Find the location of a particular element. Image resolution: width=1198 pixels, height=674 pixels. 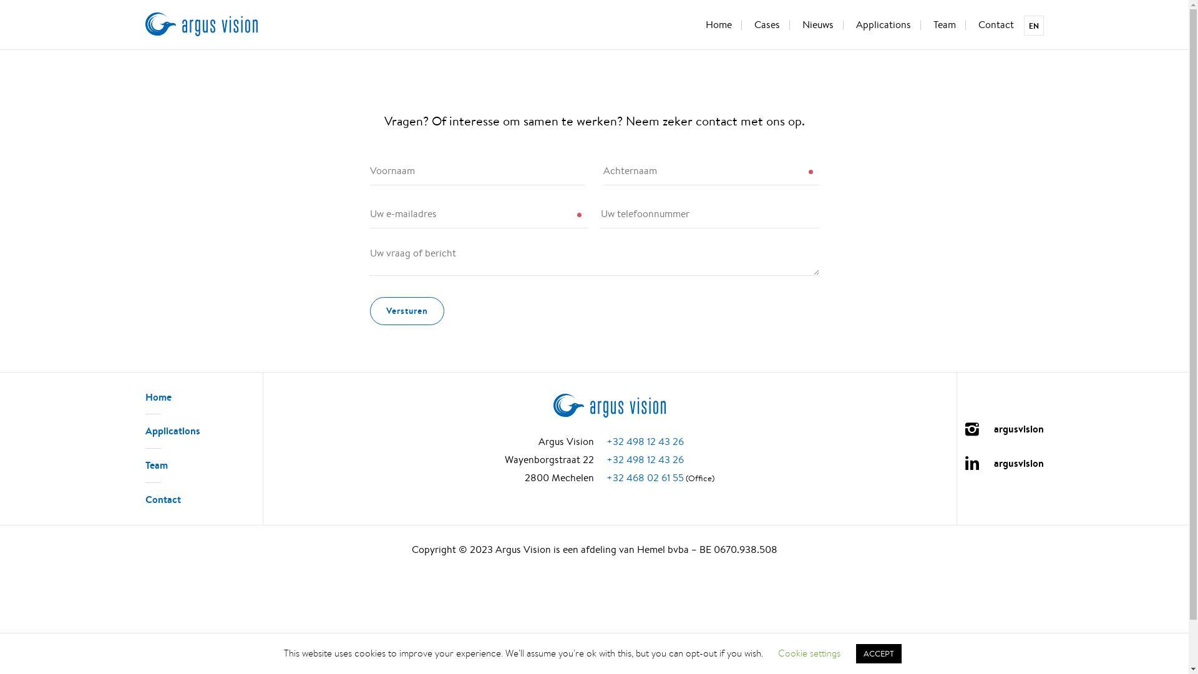

'Nieuws' is located at coordinates (792, 26).